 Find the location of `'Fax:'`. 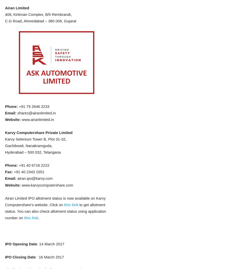

'Fax:' is located at coordinates (5, 172).